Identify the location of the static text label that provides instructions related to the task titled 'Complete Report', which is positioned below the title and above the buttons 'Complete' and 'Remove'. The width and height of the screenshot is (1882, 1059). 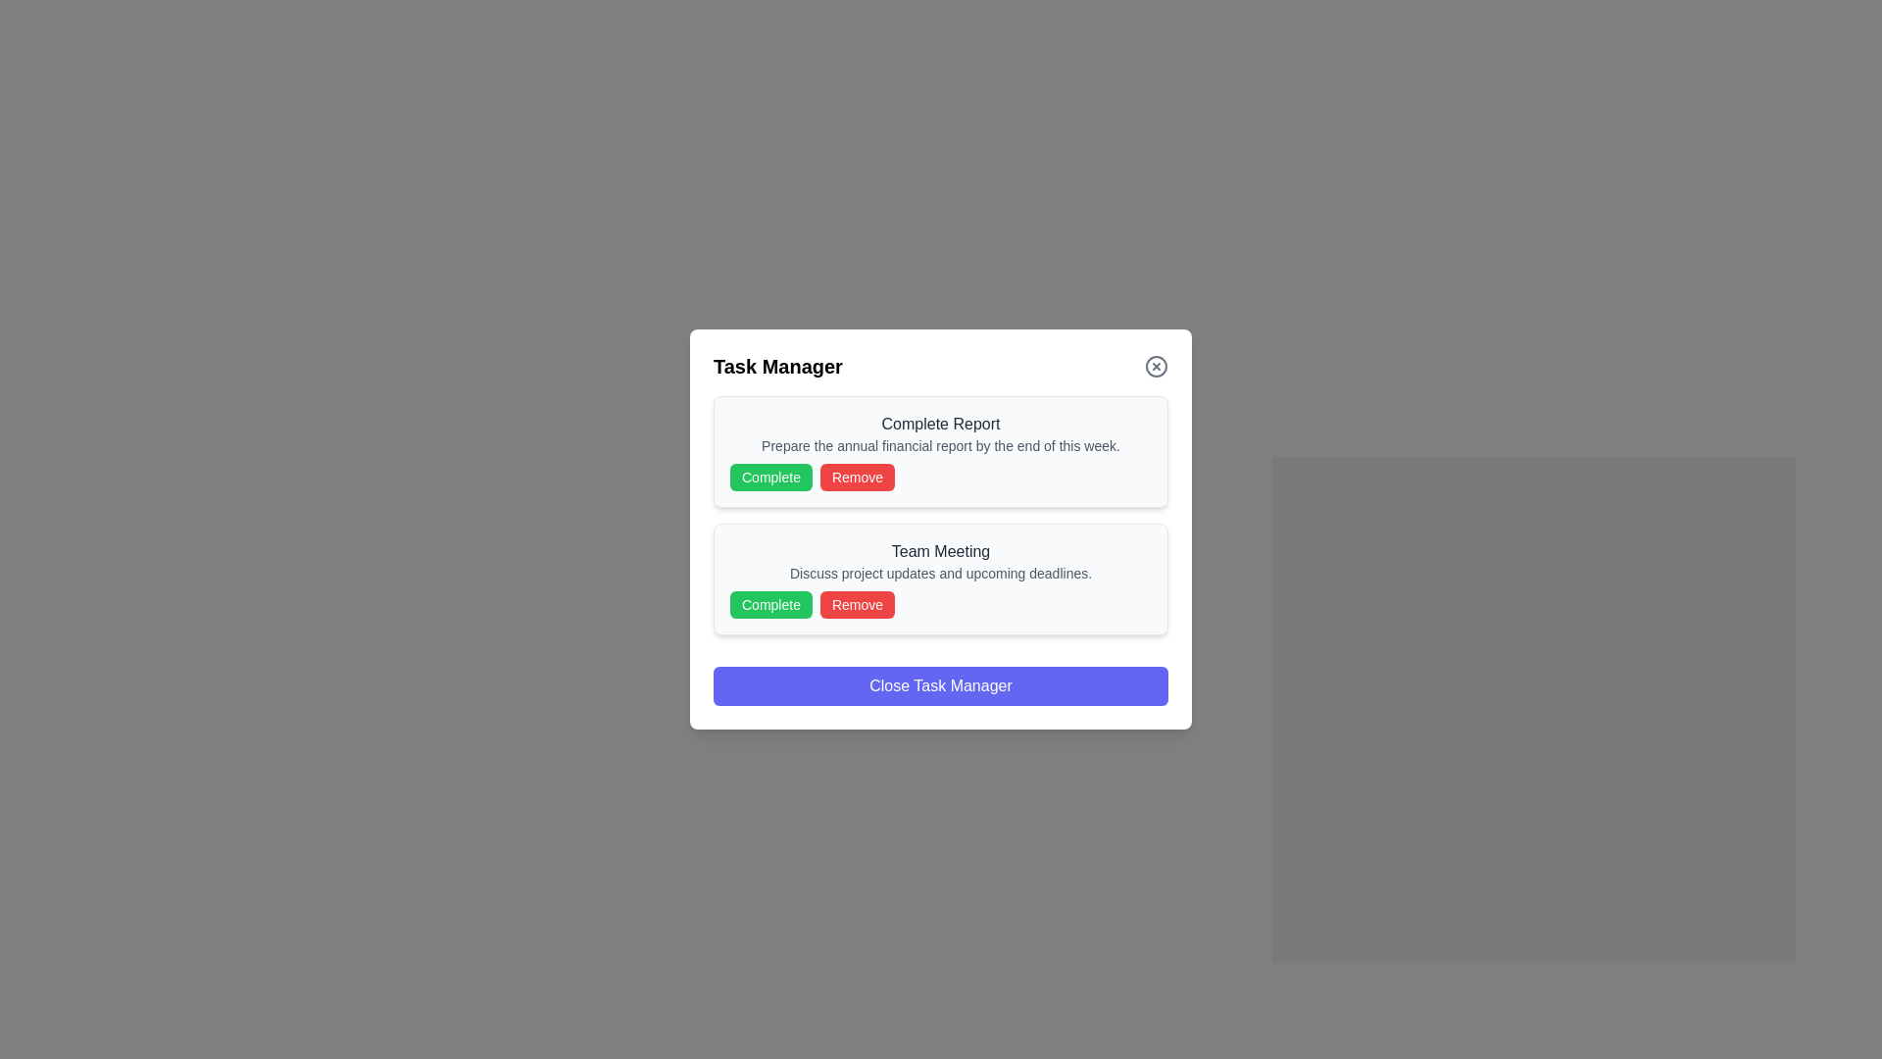
(941, 446).